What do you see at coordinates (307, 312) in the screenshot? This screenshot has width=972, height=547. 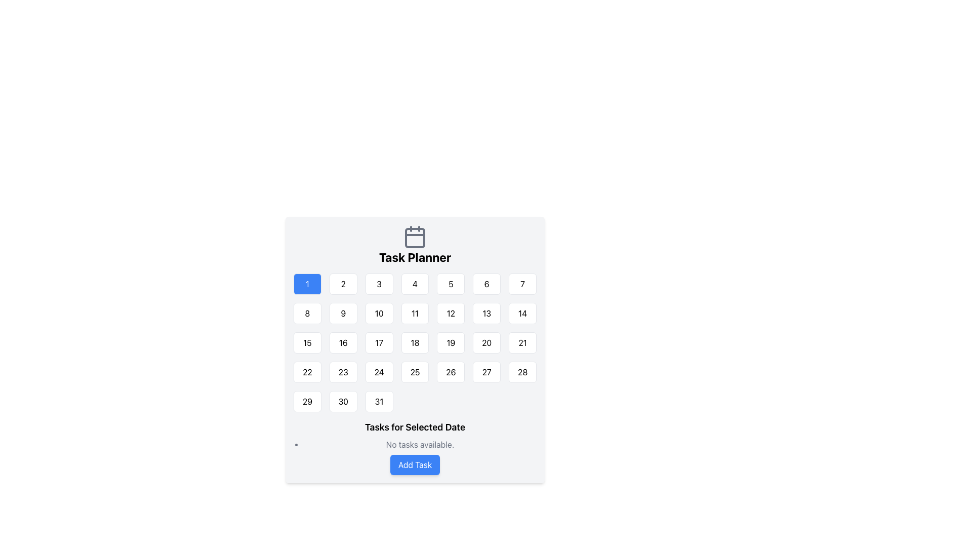 I see `the rounded square button labeled '8' located under the 'Task Planner' heading` at bounding box center [307, 312].